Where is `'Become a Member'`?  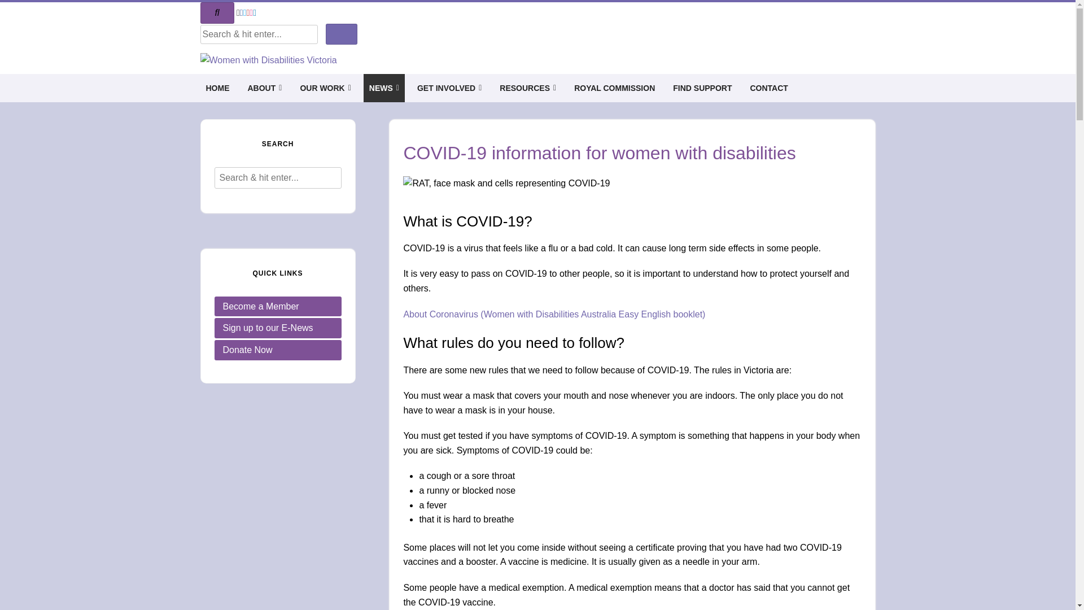
'Become a Member' is located at coordinates (278, 307).